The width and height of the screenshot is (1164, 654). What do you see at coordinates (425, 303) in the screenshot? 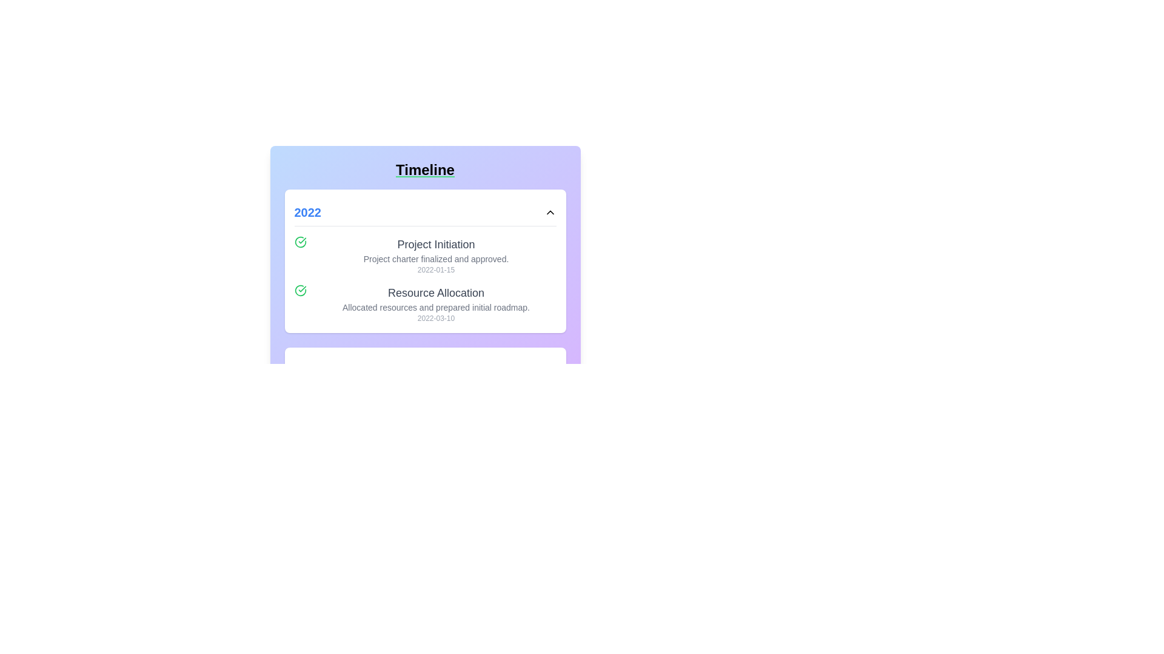
I see `the second list item` at bounding box center [425, 303].